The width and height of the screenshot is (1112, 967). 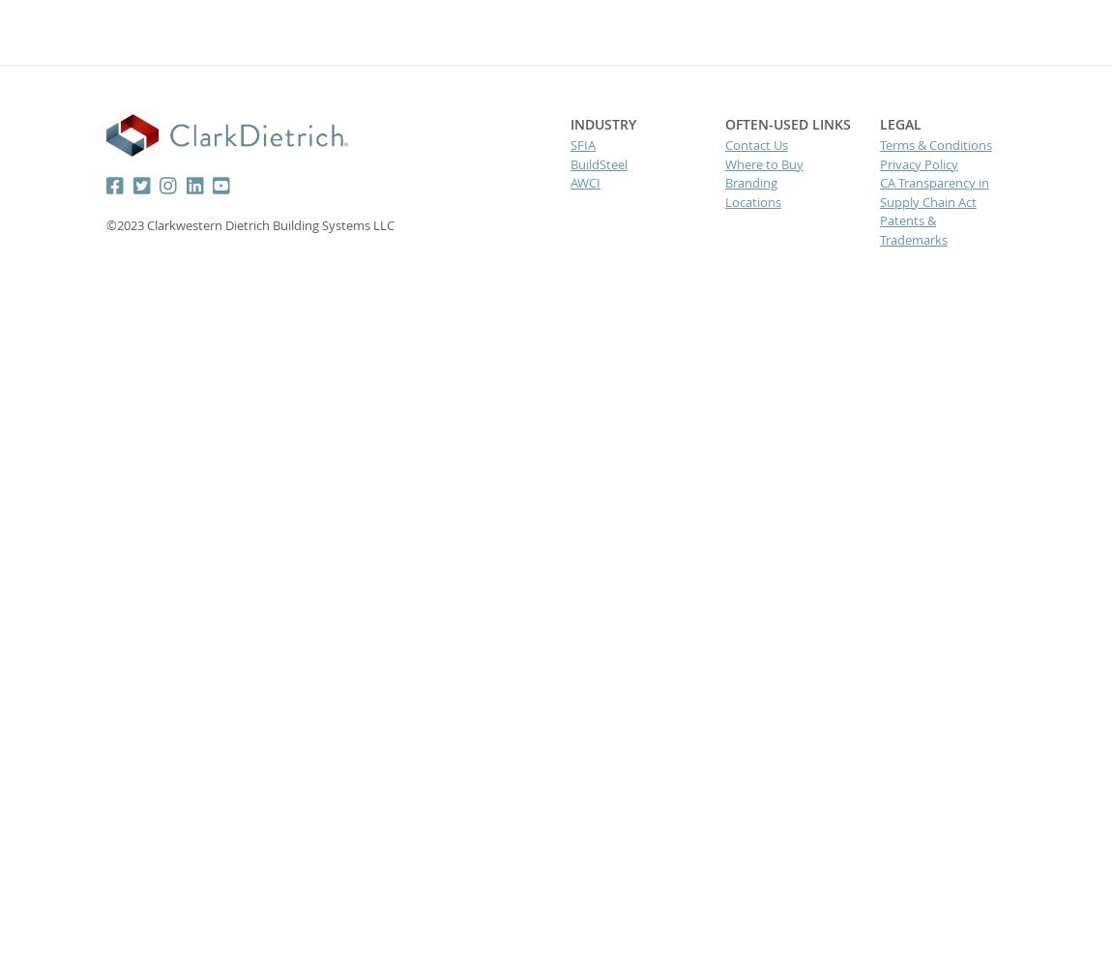 What do you see at coordinates (598, 163) in the screenshot?
I see `'BuildSteel'` at bounding box center [598, 163].